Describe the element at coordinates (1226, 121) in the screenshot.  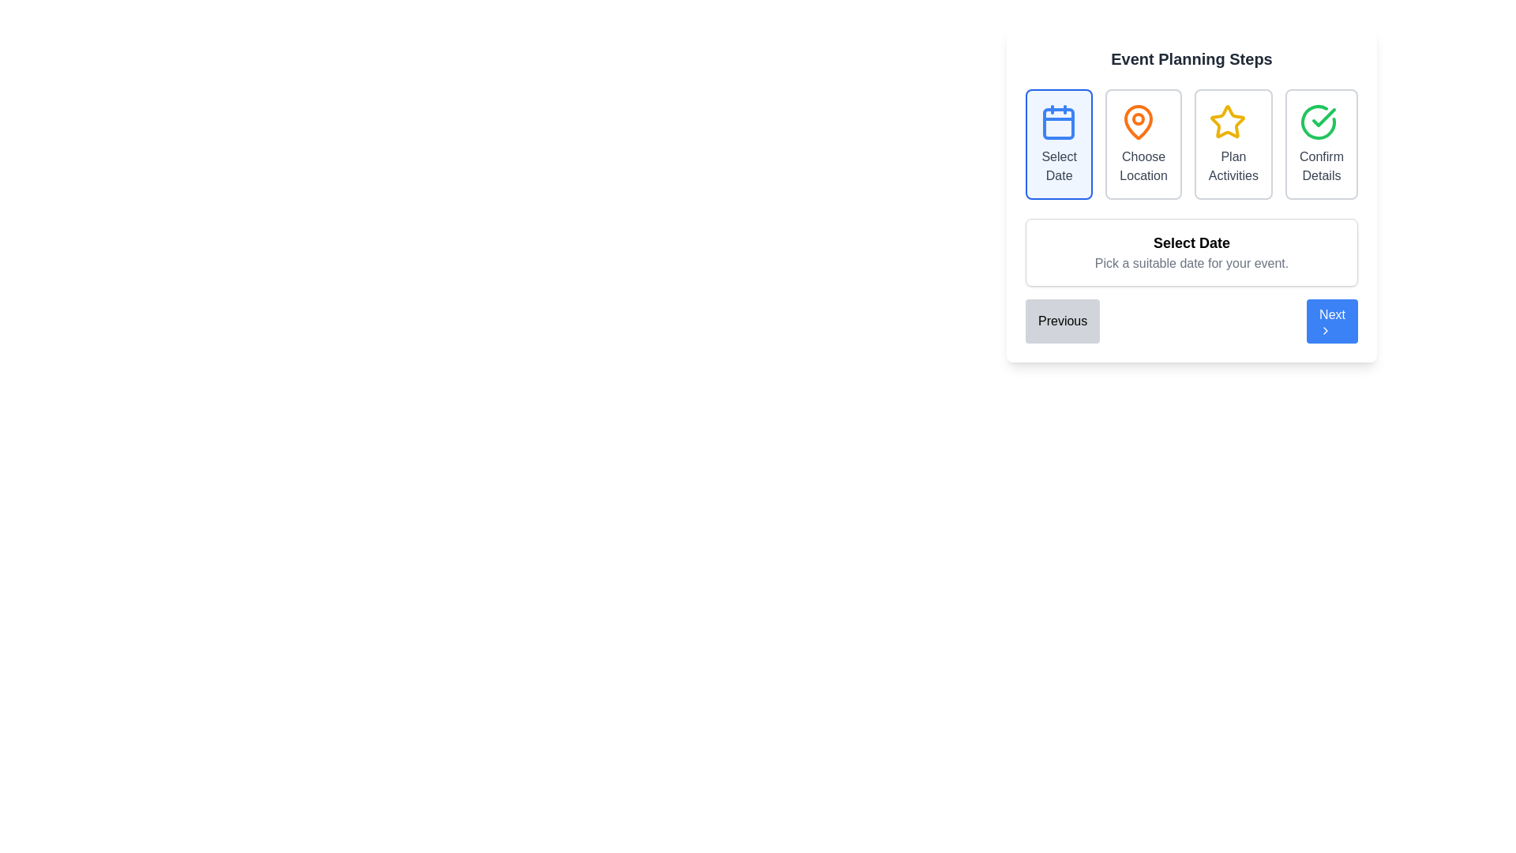
I see `the yellow star-shaped icon, which is the third icon in a horizontal sequence of four icons located near the top of the window` at that location.